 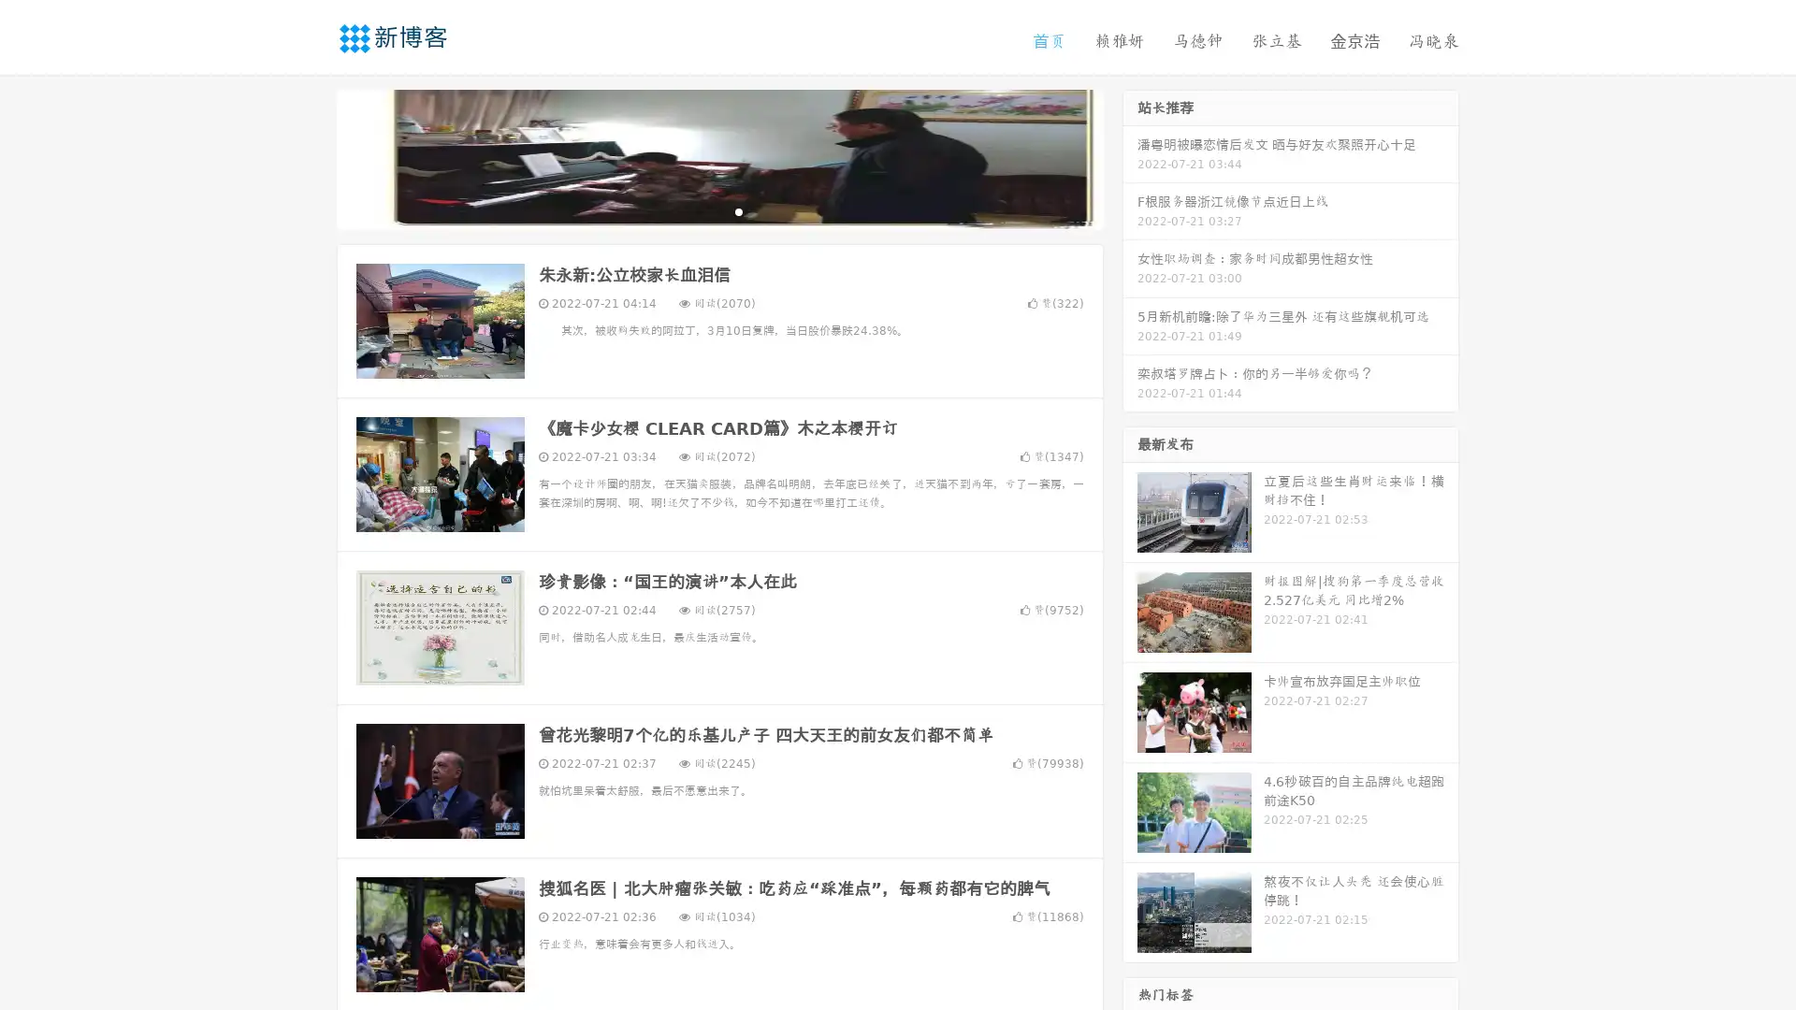 What do you see at coordinates (1130, 157) in the screenshot?
I see `Next slide` at bounding box center [1130, 157].